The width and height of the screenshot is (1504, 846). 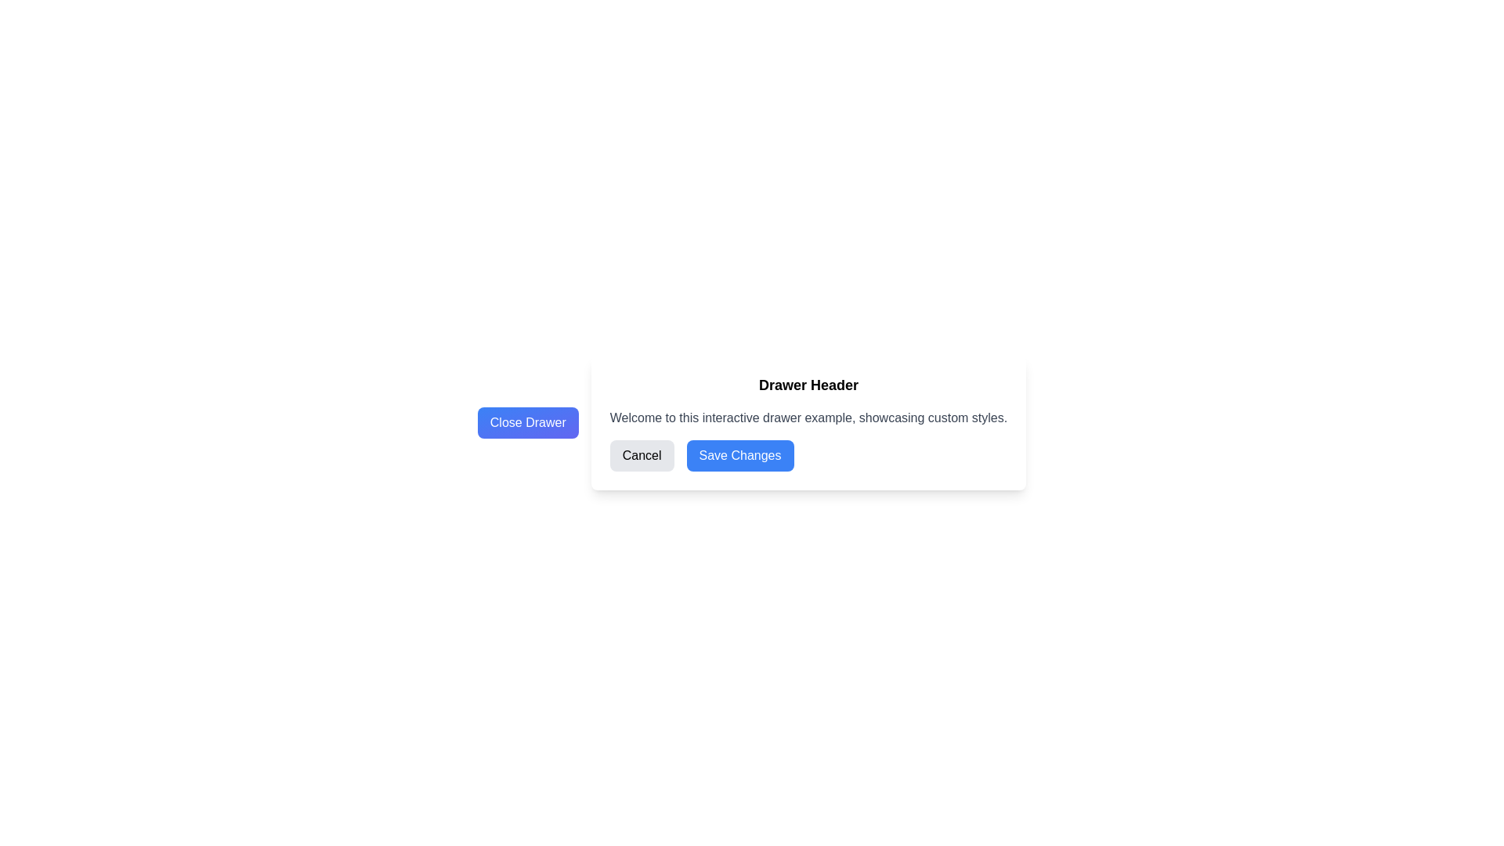 What do you see at coordinates (808, 417) in the screenshot?
I see `the multiline text label that reads 'Welcome to this interactive drawer example, showcasing custom styles', which is styled in subdued gray within a white rounded rectangular background, located below the 'Drawer Header'` at bounding box center [808, 417].